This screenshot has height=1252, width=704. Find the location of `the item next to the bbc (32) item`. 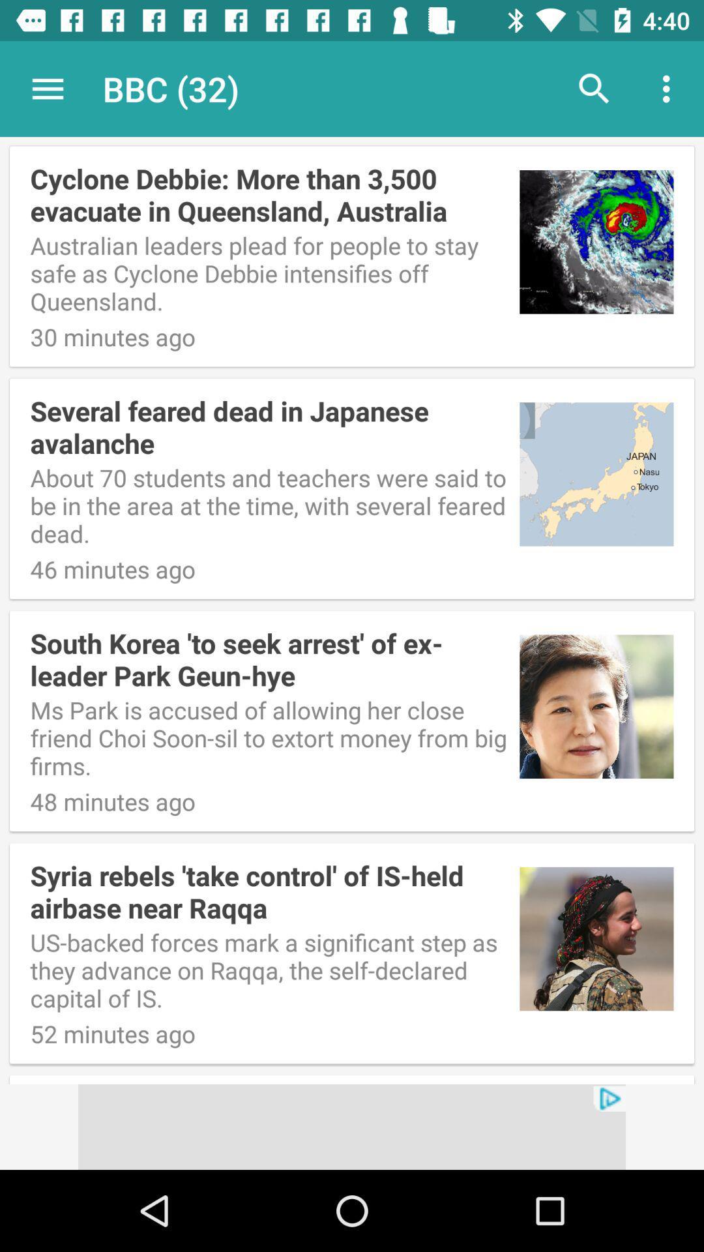

the item next to the bbc (32) item is located at coordinates (47, 88).